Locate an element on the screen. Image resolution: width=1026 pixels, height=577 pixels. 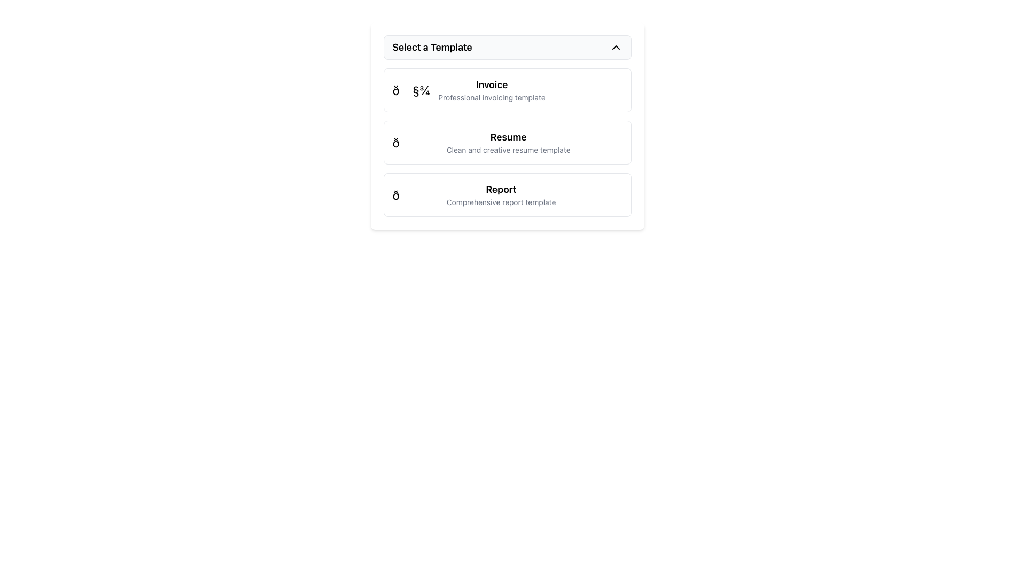
the supplementary description Text label for the 'Resume' template option, located below the heading 'Resume' in the template block is located at coordinates (508, 150).